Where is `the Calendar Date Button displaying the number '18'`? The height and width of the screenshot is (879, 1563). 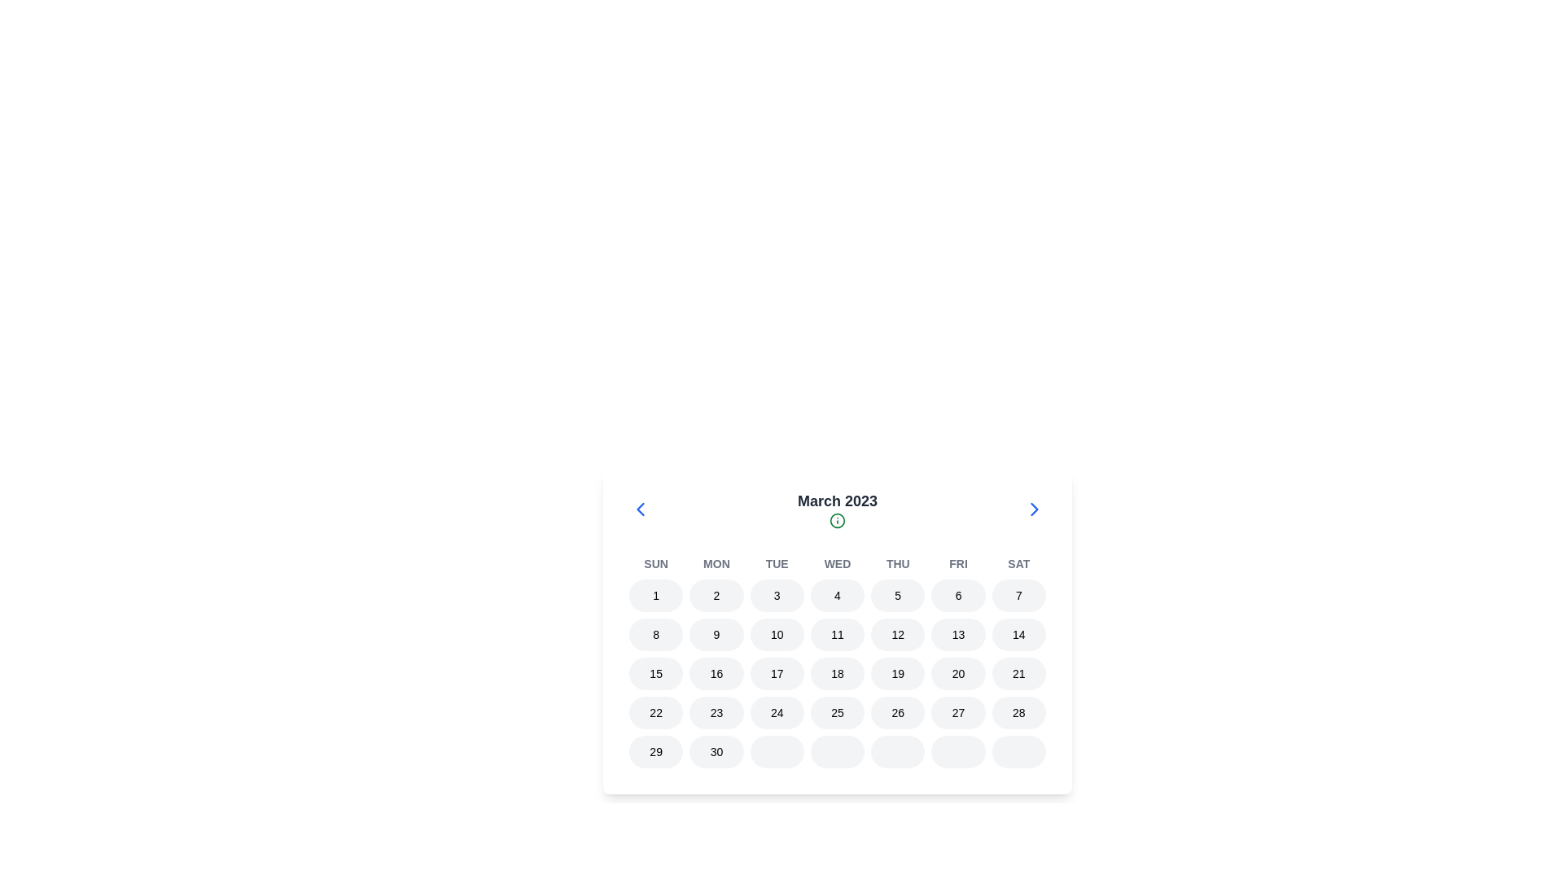 the Calendar Date Button displaying the number '18' is located at coordinates (837, 674).